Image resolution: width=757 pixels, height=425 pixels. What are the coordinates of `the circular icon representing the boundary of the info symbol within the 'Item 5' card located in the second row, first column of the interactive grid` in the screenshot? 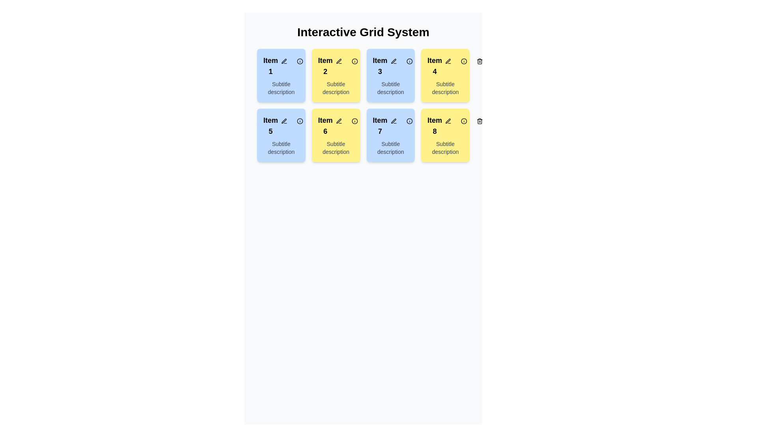 It's located at (300, 121).